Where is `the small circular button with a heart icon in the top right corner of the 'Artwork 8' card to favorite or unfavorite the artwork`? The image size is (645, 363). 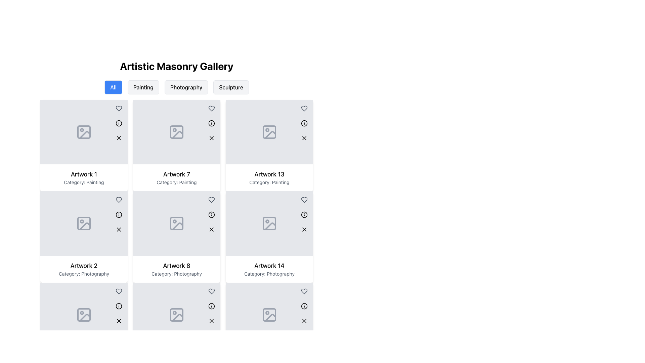
the small circular button with a heart icon in the top right corner of the 'Artwork 8' card to favorite or unfavorite the artwork is located at coordinates (211, 291).